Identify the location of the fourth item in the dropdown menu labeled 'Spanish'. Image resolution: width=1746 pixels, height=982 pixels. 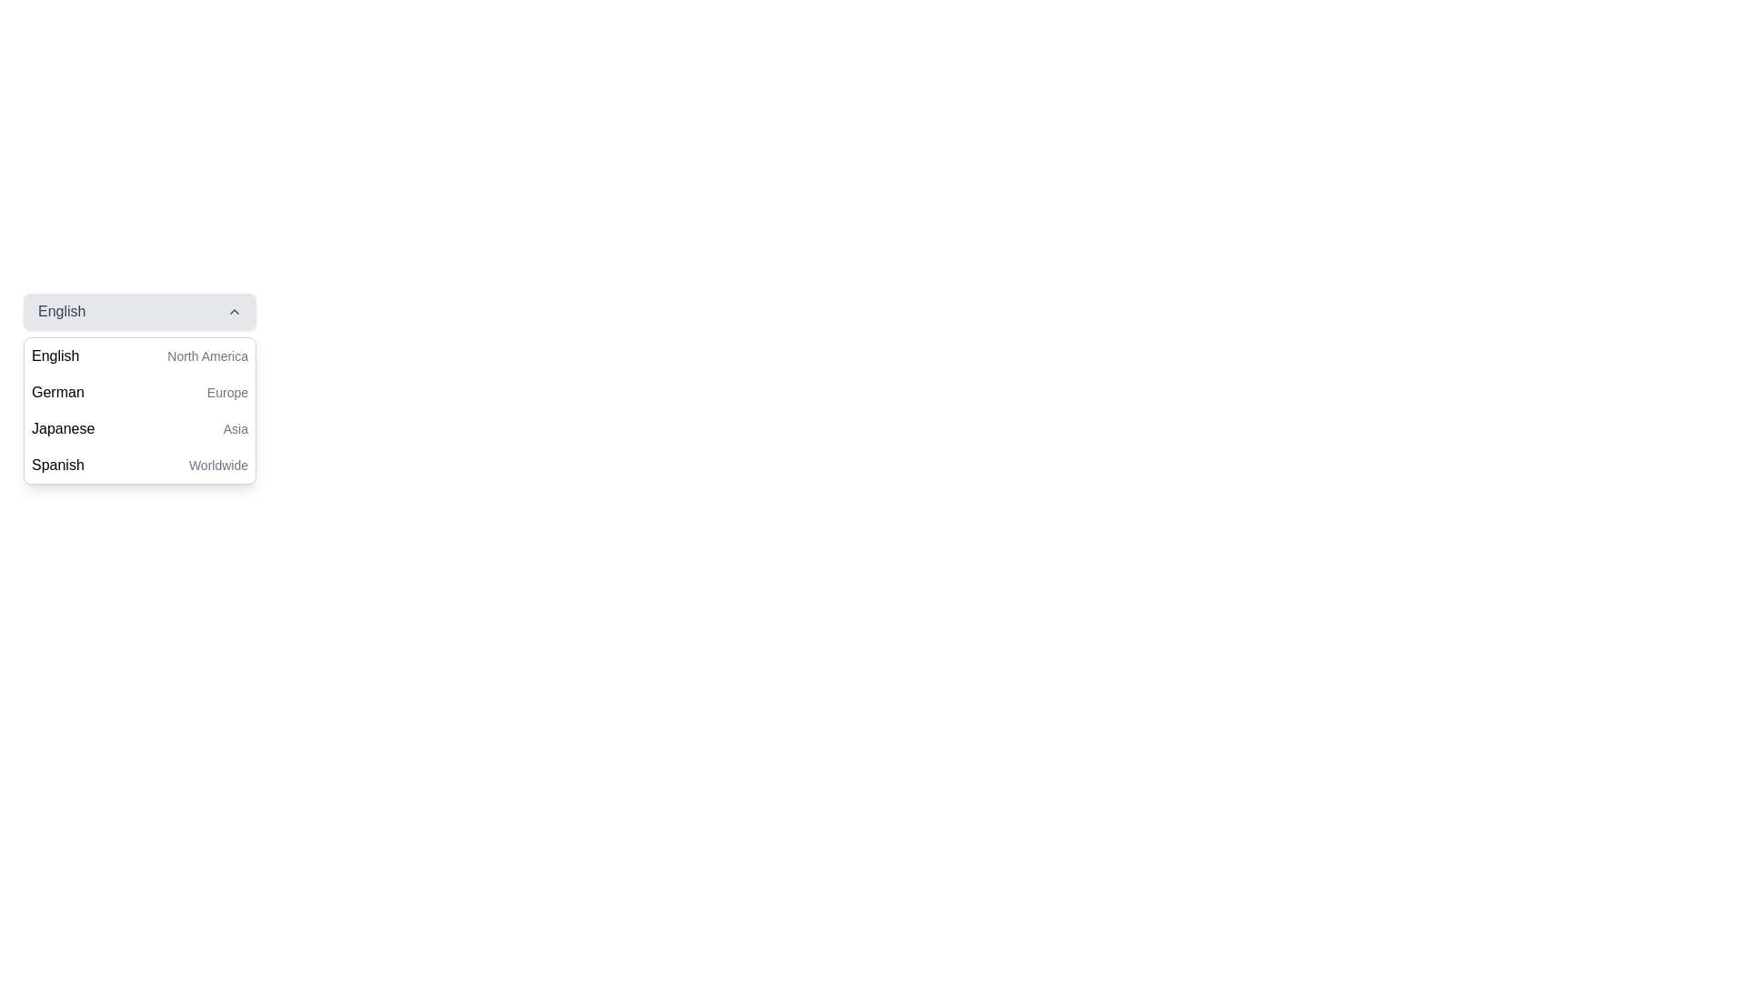
(138, 465).